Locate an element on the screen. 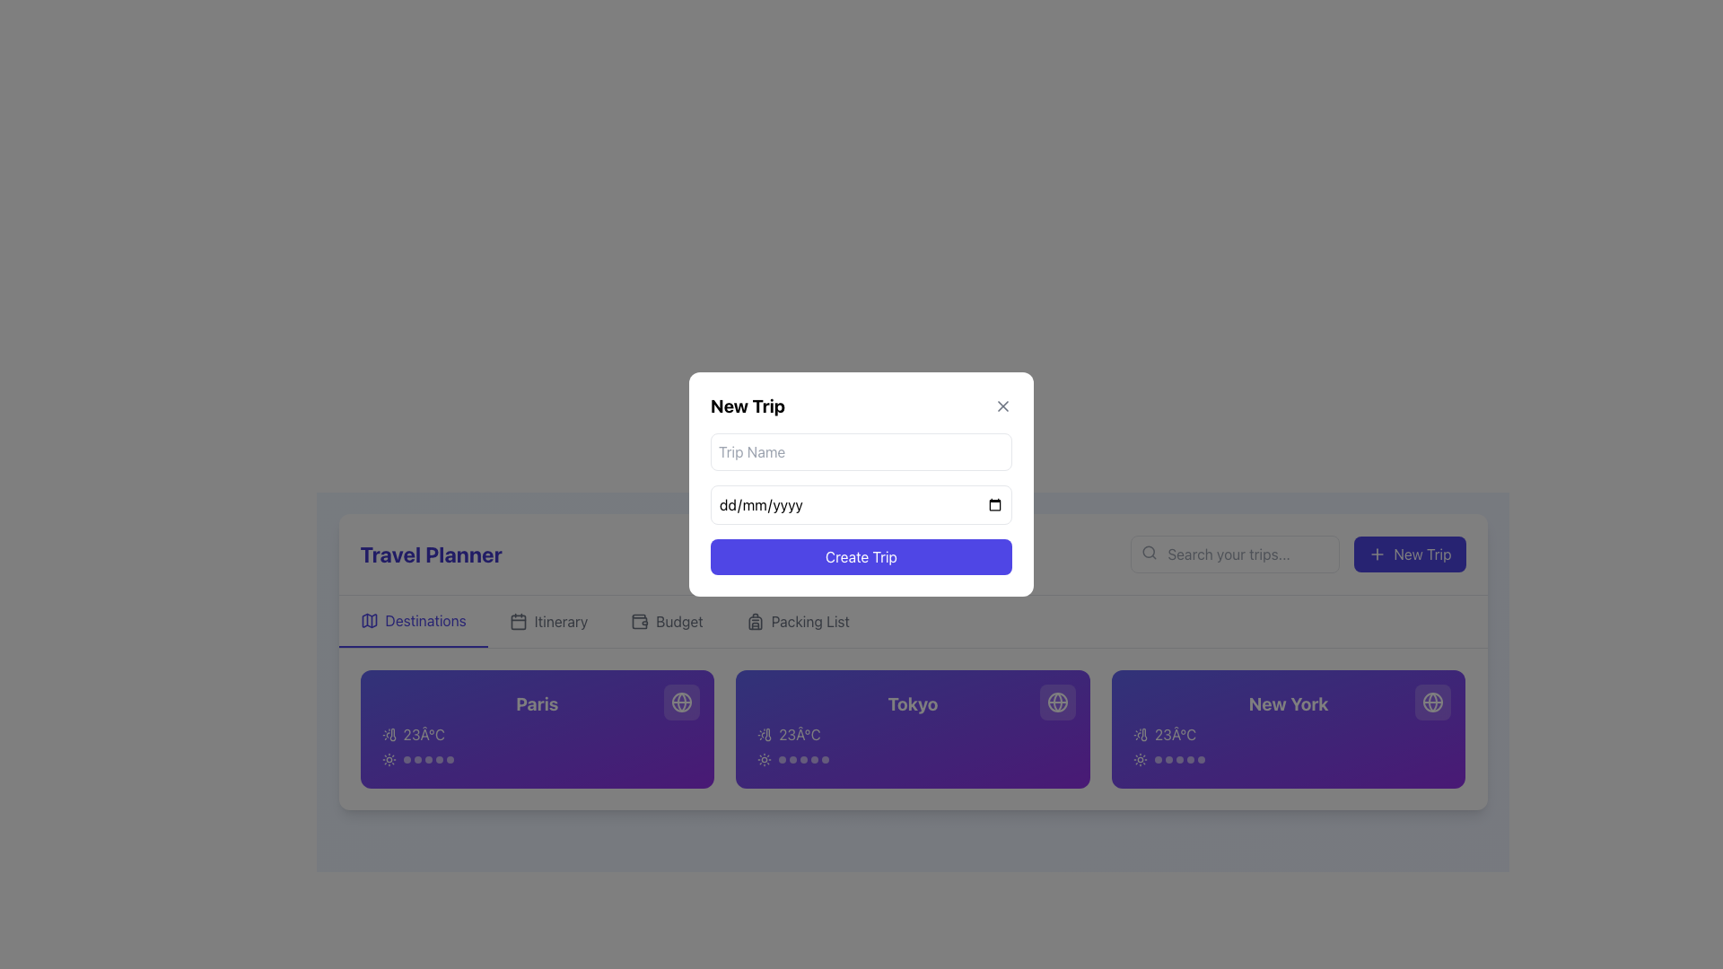 This screenshot has height=969, width=1723. the 'Budget' text label in the navigation menu is located at coordinates (678, 621).